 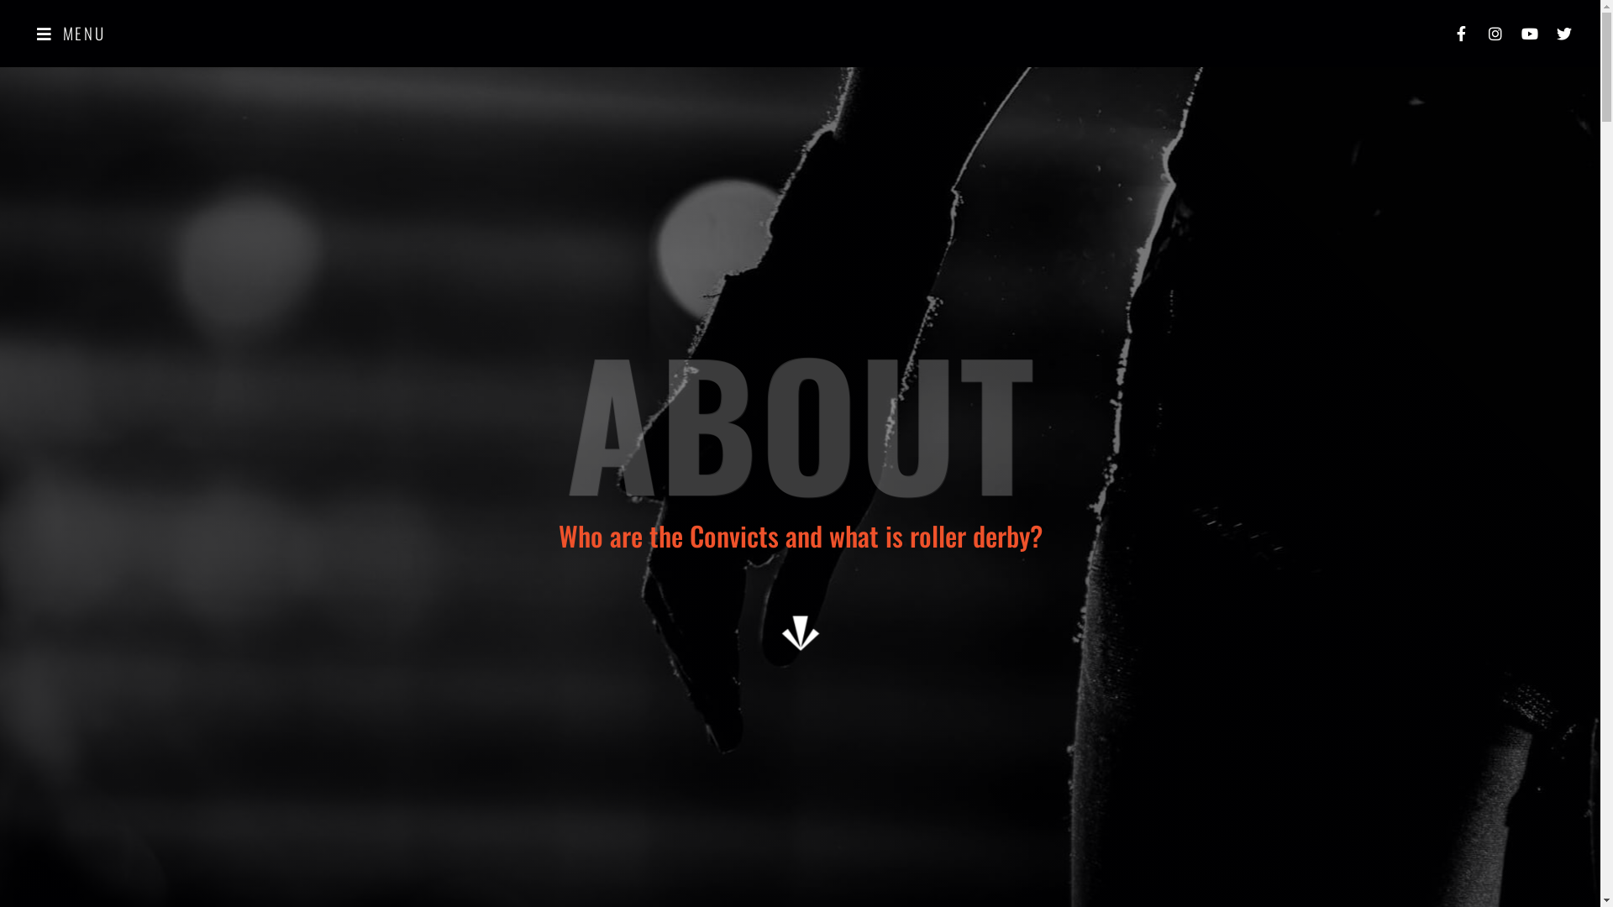 What do you see at coordinates (1547, 33) in the screenshot?
I see `'Twitter'` at bounding box center [1547, 33].